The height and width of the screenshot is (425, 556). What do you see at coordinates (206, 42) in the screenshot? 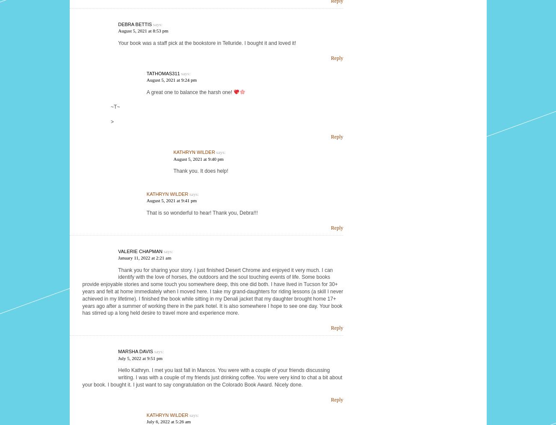
I see `'Your book was a staff pick at the bookstore in Telluride. I bought it and loved it!'` at bounding box center [206, 42].